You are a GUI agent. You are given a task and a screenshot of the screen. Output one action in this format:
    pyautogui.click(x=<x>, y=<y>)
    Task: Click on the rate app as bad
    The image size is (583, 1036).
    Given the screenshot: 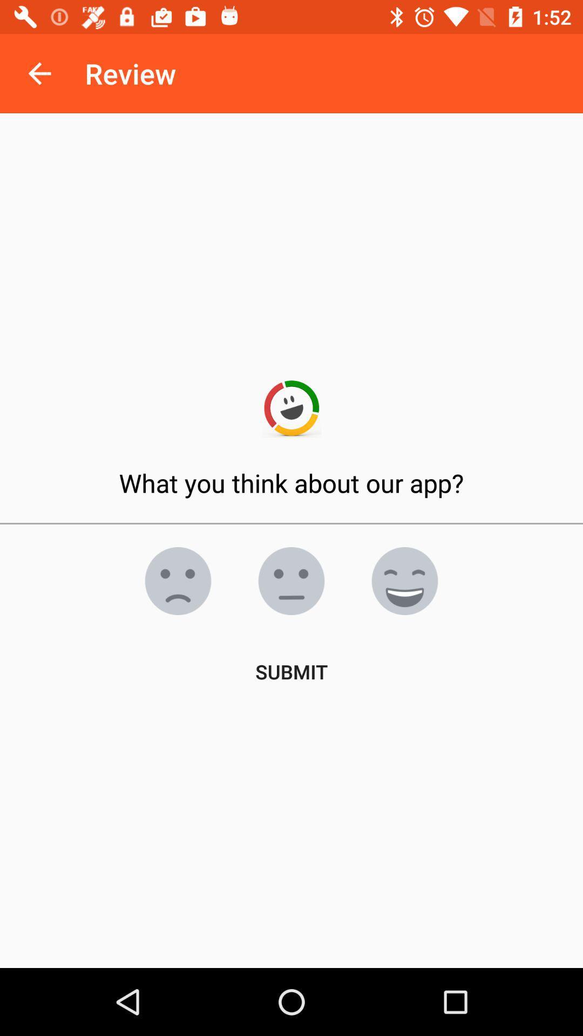 What is the action you would take?
    pyautogui.click(x=178, y=580)
    